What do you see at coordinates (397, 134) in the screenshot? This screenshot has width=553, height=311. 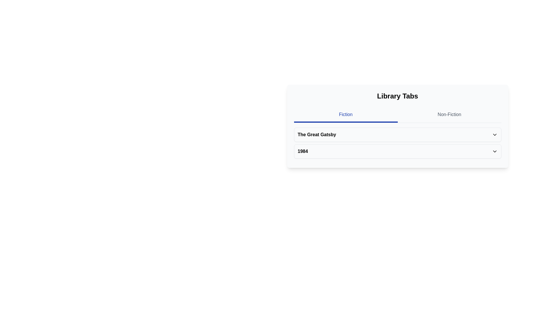 I see `the button labeled 'The Great Gatsby' to trigger a tooltip or visual effect` at bounding box center [397, 134].